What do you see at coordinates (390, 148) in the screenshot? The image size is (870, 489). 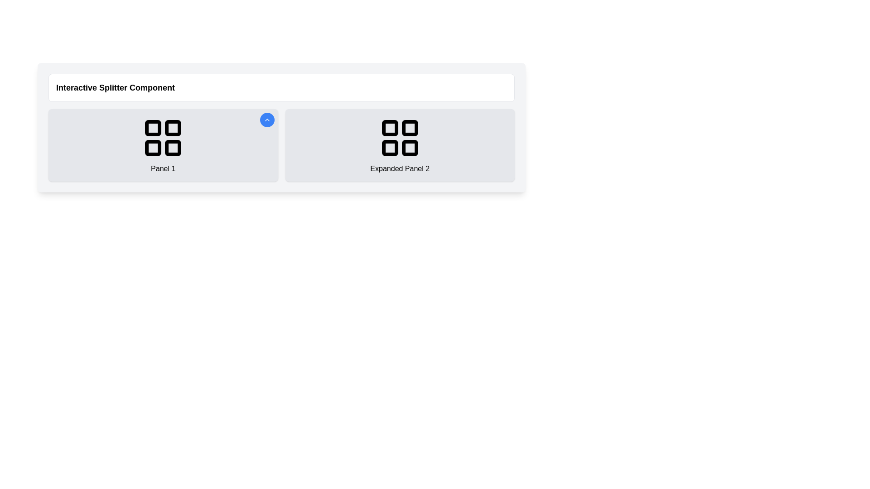 I see `the bottom-left icon in the 2x2 grid of the 'Expanded Panel 2' section, which visually represents a specific feature` at bounding box center [390, 148].